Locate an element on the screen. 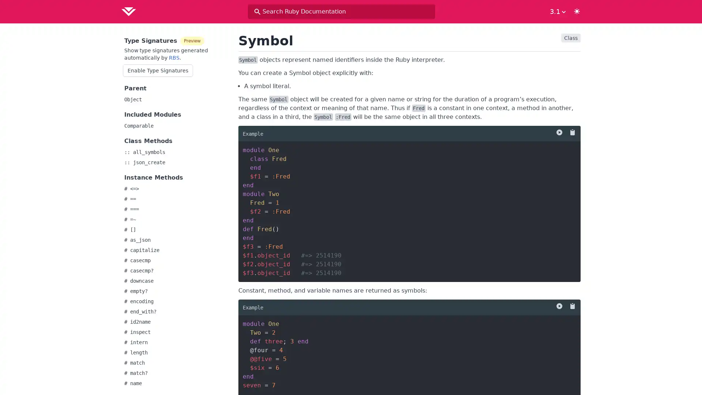 This screenshot has width=702, height=395. Copy to clipboard is located at coordinates (570, 306).